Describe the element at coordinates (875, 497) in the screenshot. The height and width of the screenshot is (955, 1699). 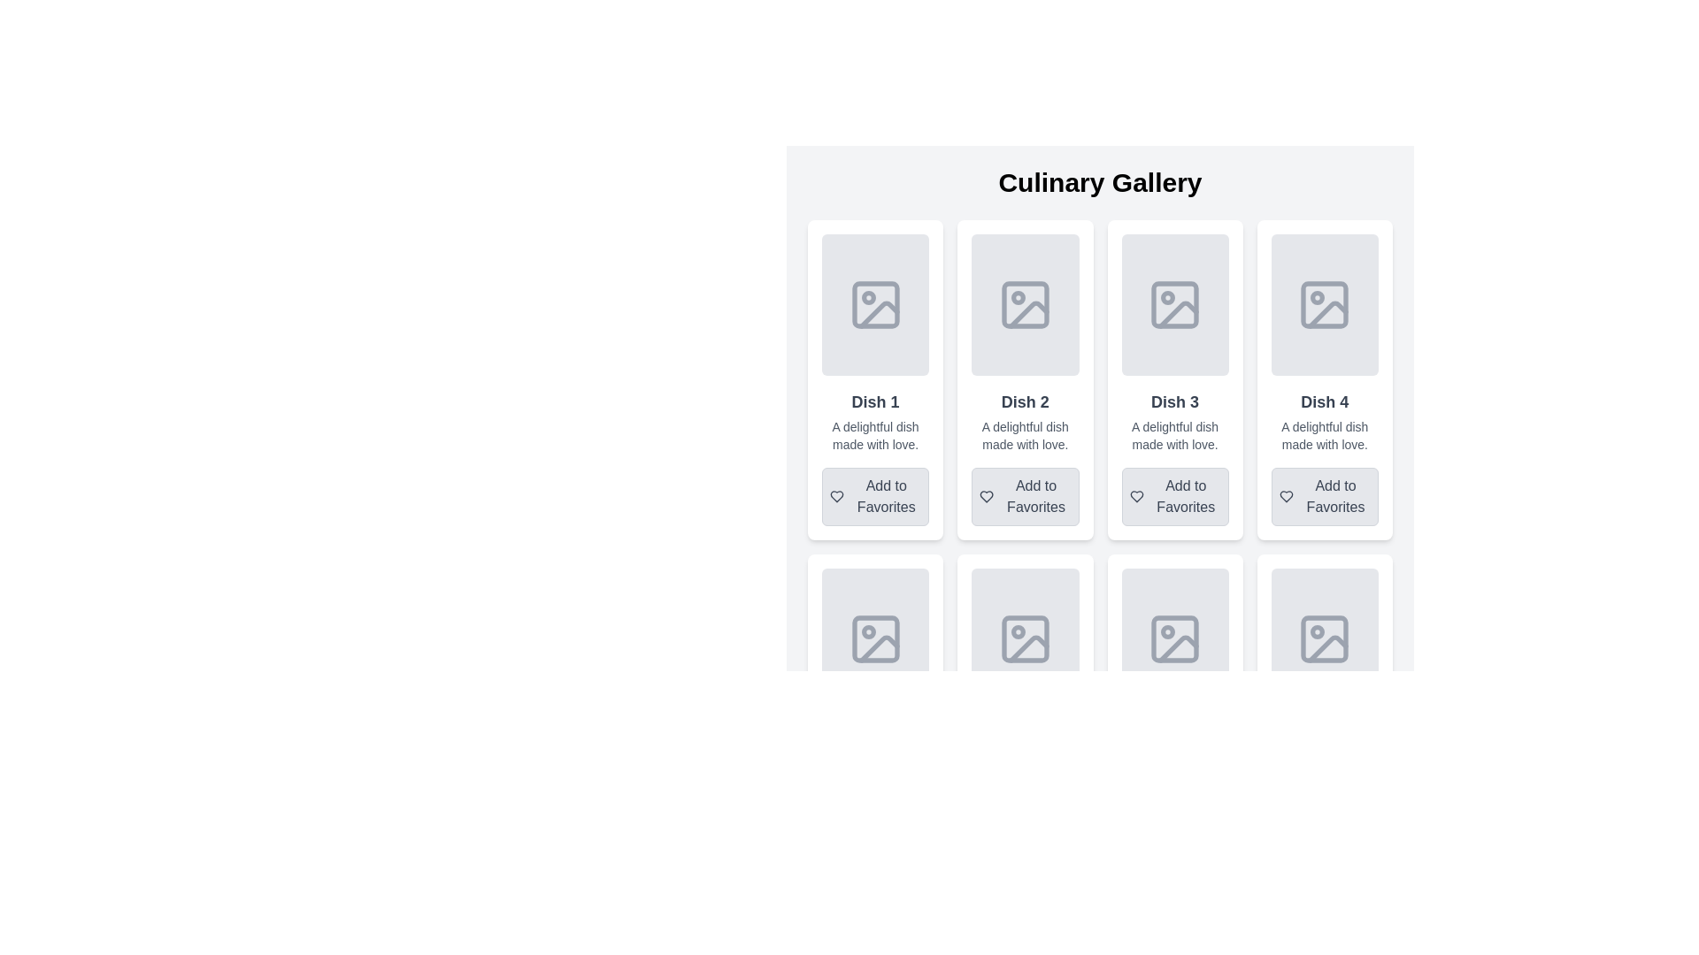
I see `the interactive button to add 'Dish 1' to the user's favorites, located below the description in the 'Dish 1' card` at that location.